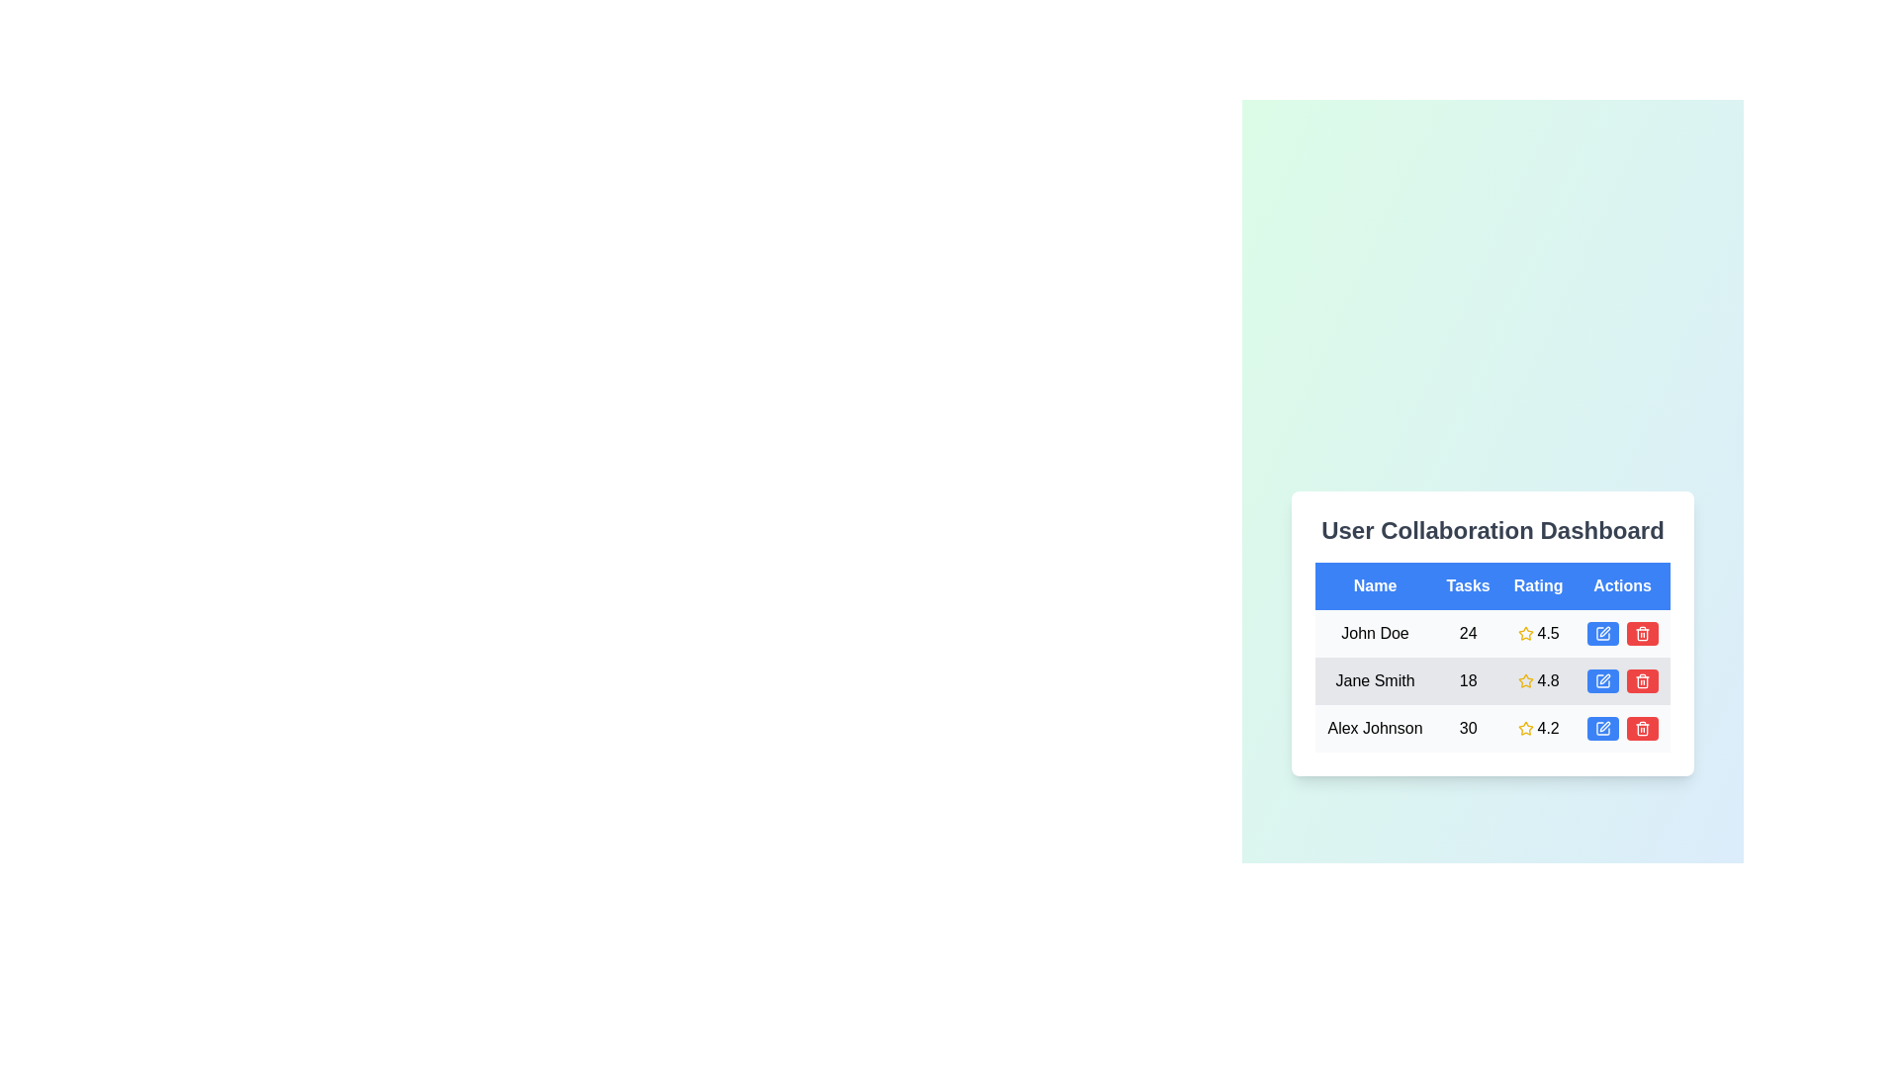 The image size is (1899, 1068). I want to click on the trash can icon button with a red background located in the 'Actions' column of the data table row labeled 'Jane Smith', so click(1642, 680).